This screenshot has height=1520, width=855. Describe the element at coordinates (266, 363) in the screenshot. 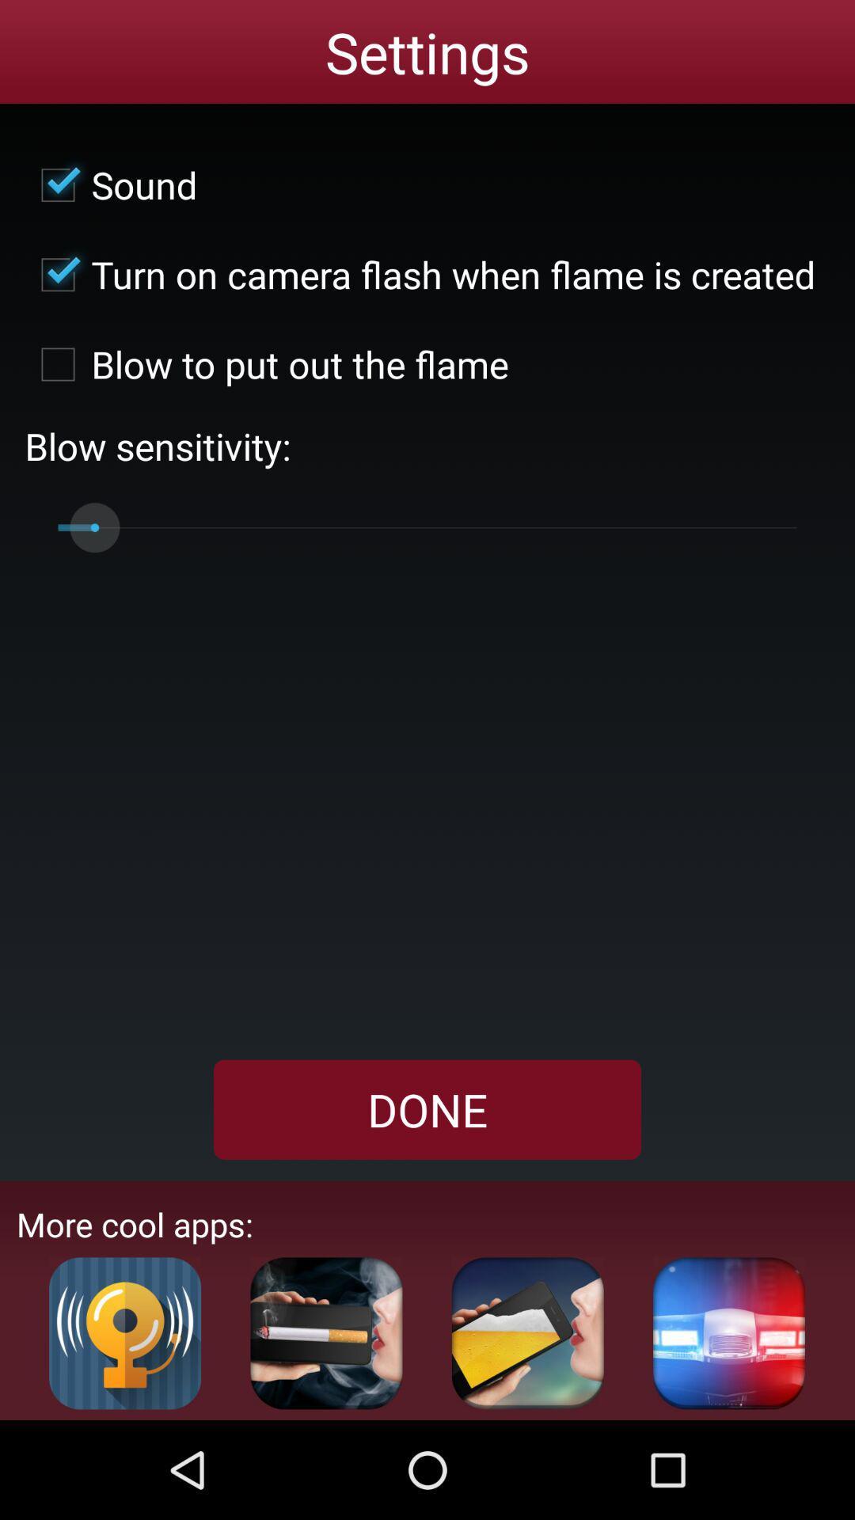

I see `the third option in the settings` at that location.